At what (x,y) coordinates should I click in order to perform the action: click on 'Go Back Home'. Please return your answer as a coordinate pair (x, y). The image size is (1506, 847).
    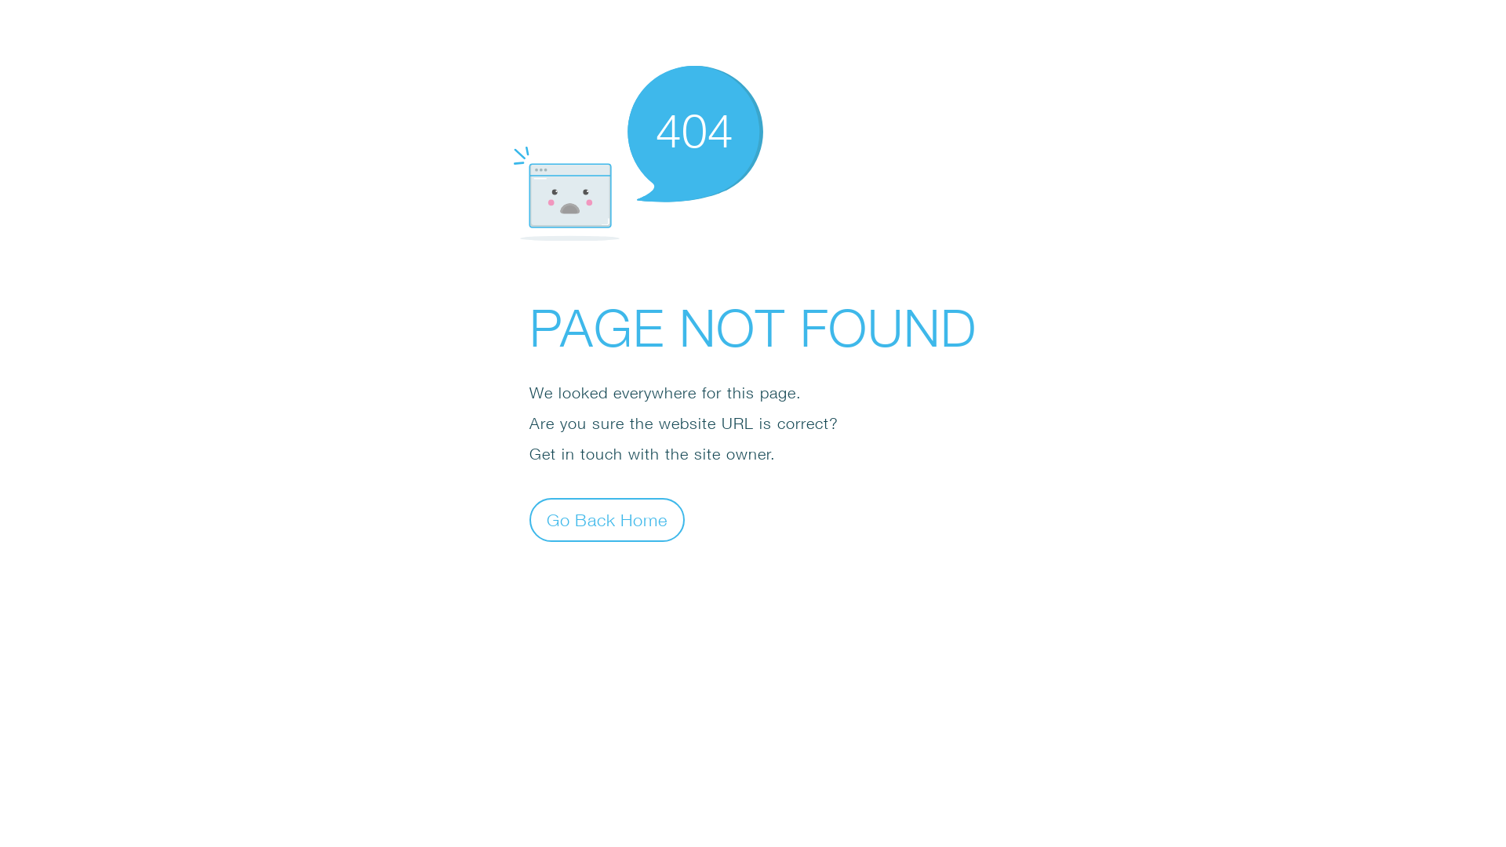
    Looking at the image, I should click on (606, 520).